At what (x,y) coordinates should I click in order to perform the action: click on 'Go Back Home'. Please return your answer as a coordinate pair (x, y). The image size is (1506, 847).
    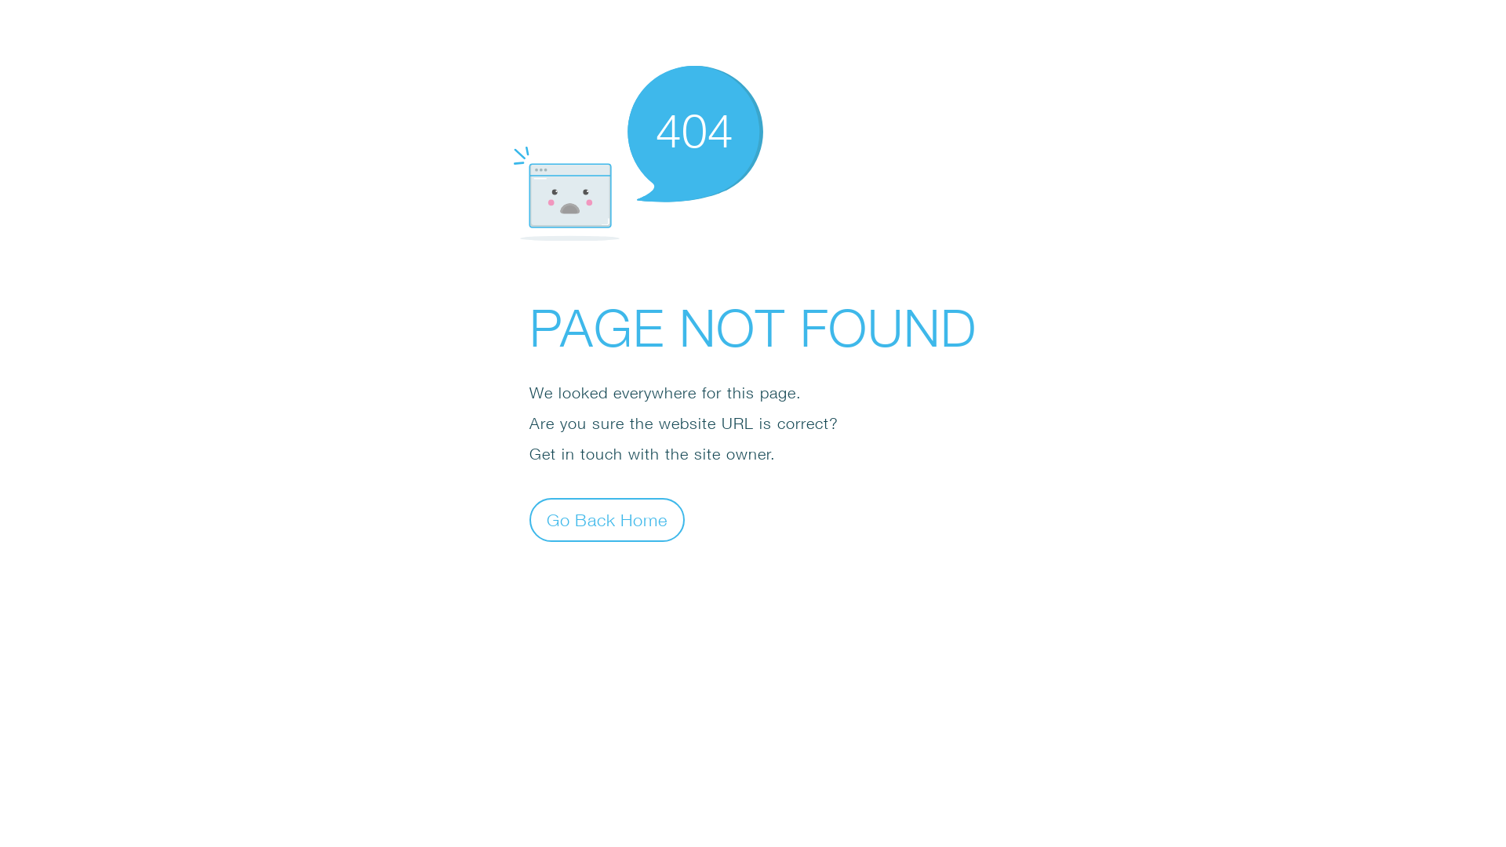
    Looking at the image, I should click on (606, 520).